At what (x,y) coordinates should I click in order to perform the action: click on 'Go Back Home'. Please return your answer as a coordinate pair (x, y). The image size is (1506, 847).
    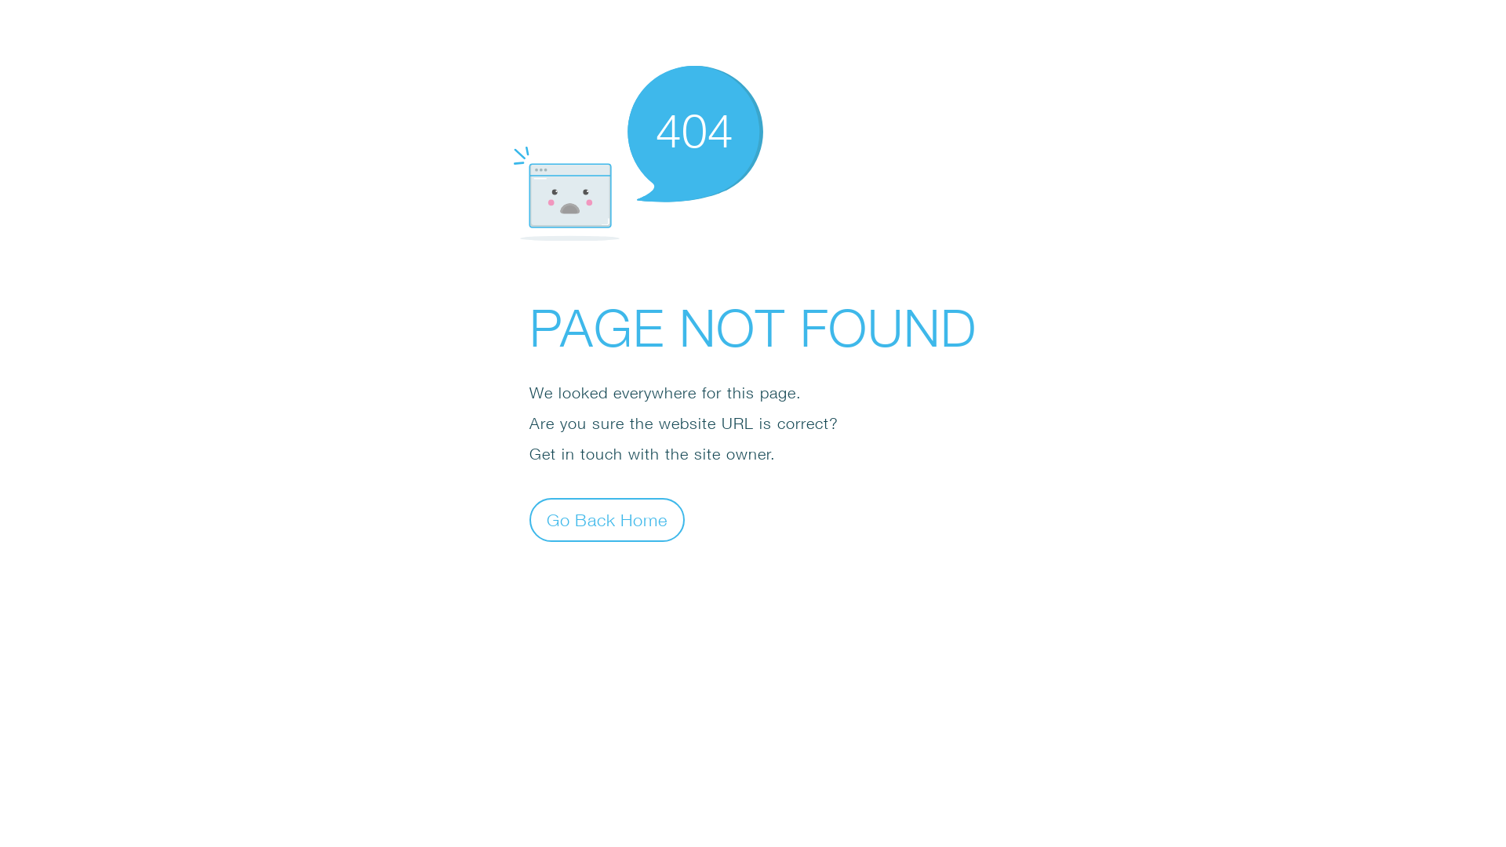
    Looking at the image, I should click on (606, 520).